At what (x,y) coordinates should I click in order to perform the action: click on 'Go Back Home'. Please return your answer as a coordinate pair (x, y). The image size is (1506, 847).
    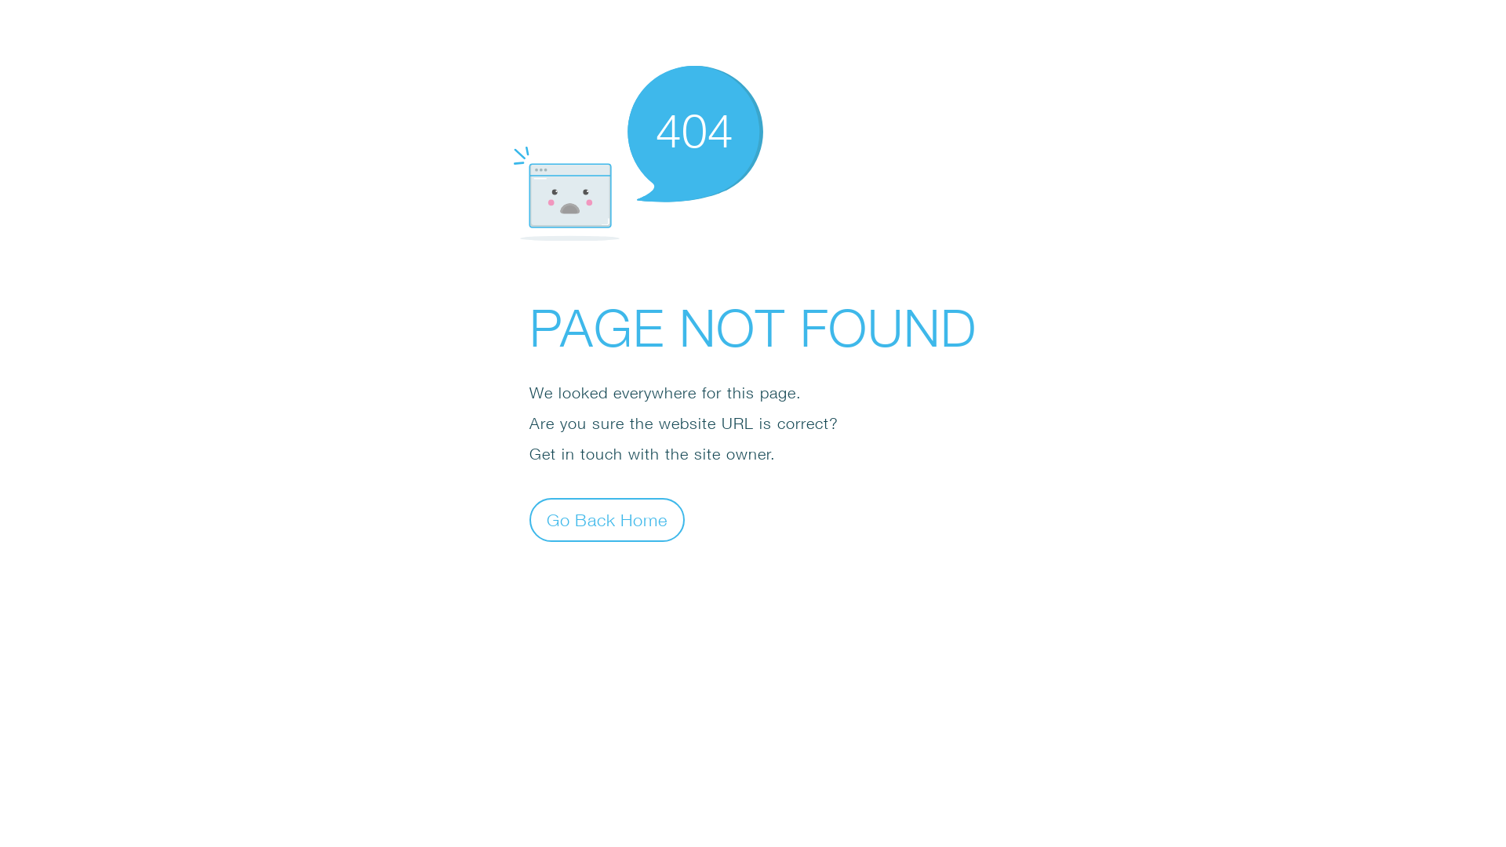
    Looking at the image, I should click on (606, 520).